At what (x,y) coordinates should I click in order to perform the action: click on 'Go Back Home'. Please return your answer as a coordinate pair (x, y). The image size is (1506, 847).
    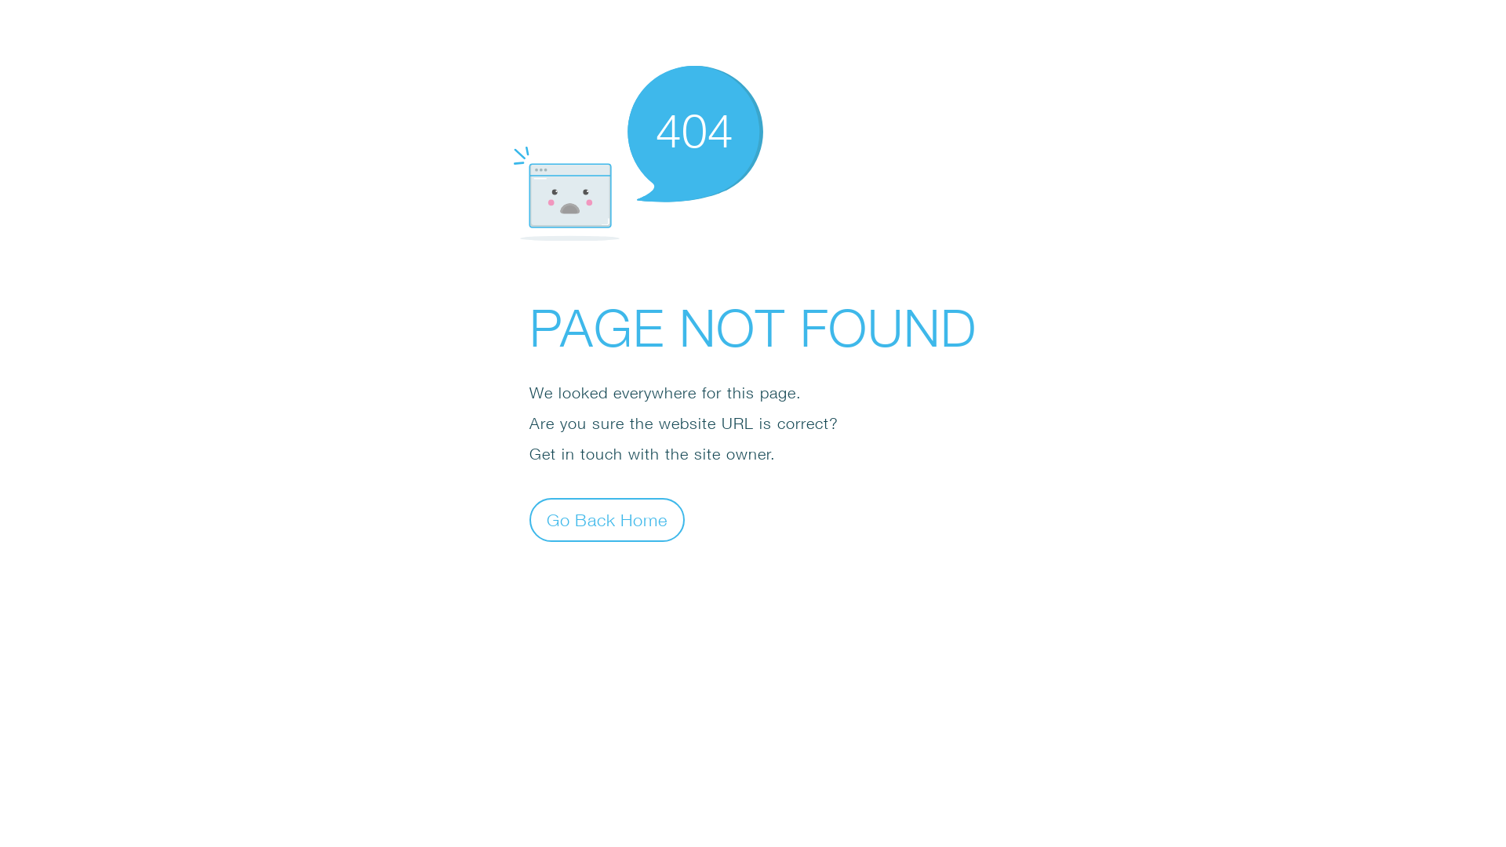
    Looking at the image, I should click on (606, 520).